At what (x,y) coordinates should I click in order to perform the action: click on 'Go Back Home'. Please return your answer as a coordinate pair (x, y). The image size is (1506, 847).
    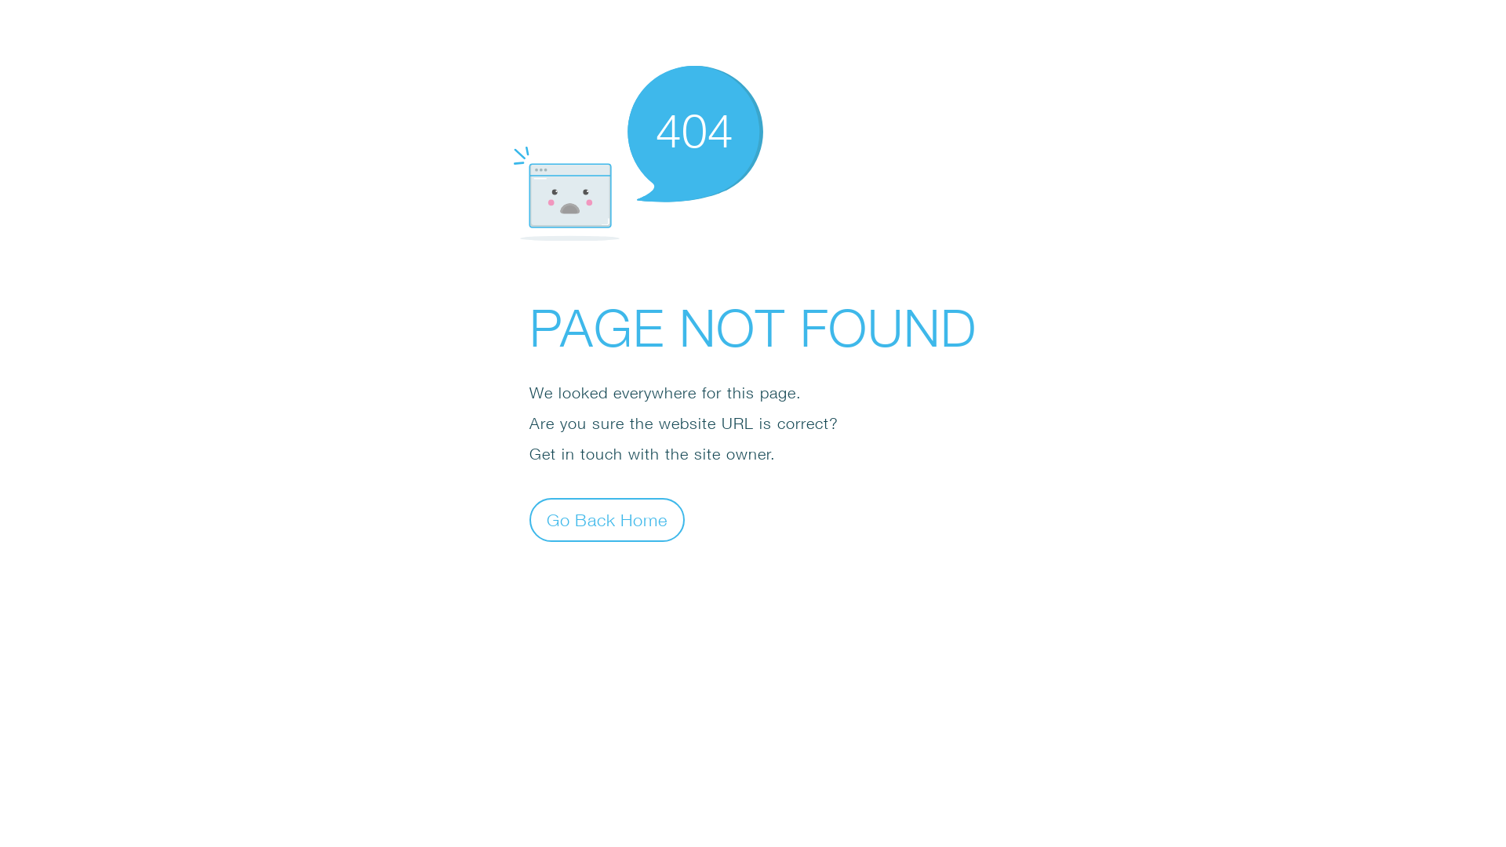
    Looking at the image, I should click on (606, 520).